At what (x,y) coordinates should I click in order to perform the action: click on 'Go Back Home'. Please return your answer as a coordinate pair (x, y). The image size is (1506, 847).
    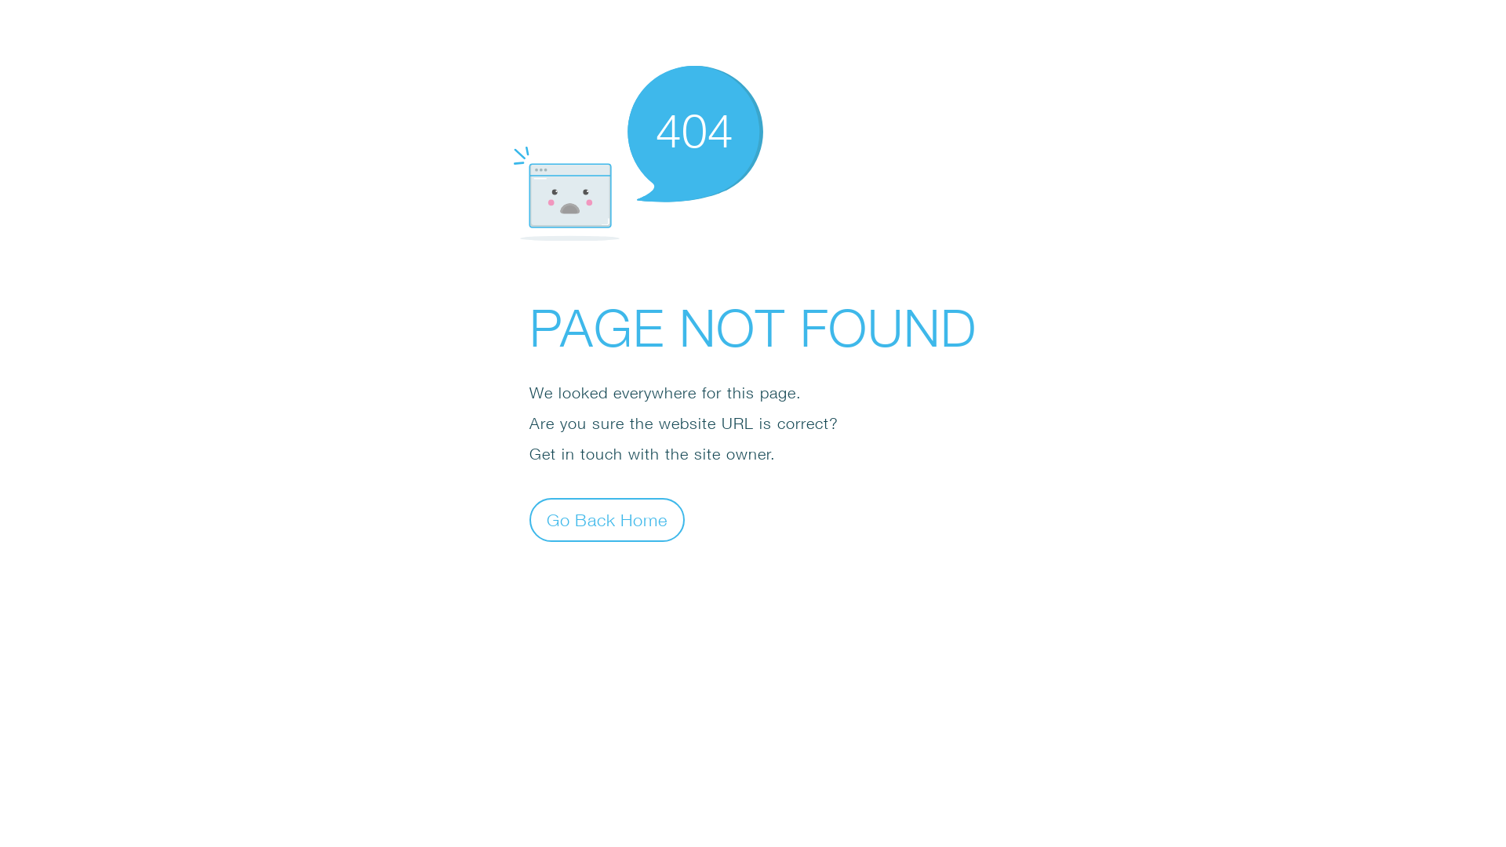
    Looking at the image, I should click on (606, 520).